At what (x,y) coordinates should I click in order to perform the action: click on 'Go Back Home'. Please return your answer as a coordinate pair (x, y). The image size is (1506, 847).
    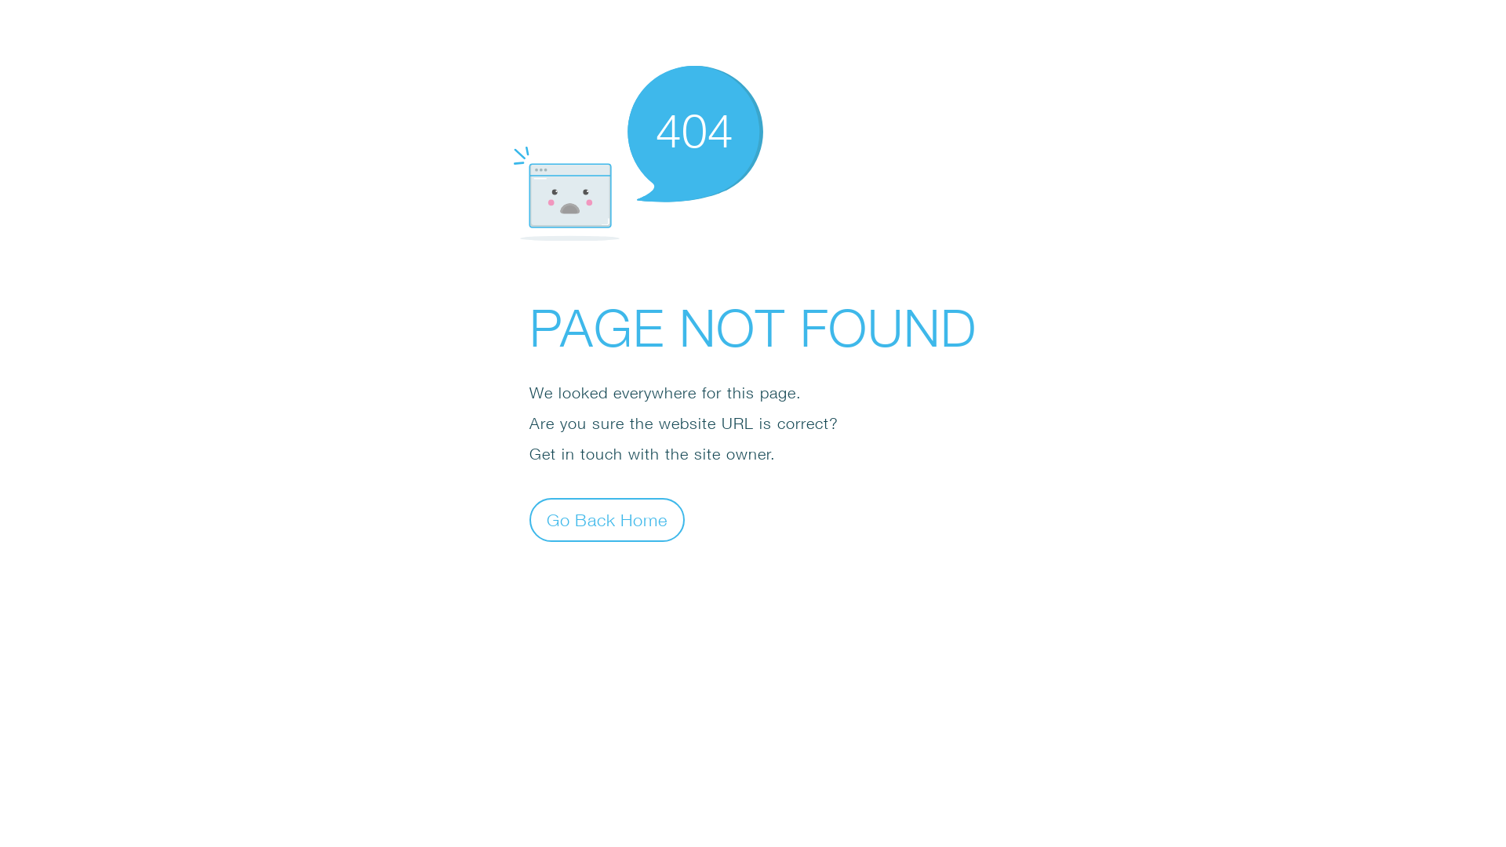
    Looking at the image, I should click on (606, 520).